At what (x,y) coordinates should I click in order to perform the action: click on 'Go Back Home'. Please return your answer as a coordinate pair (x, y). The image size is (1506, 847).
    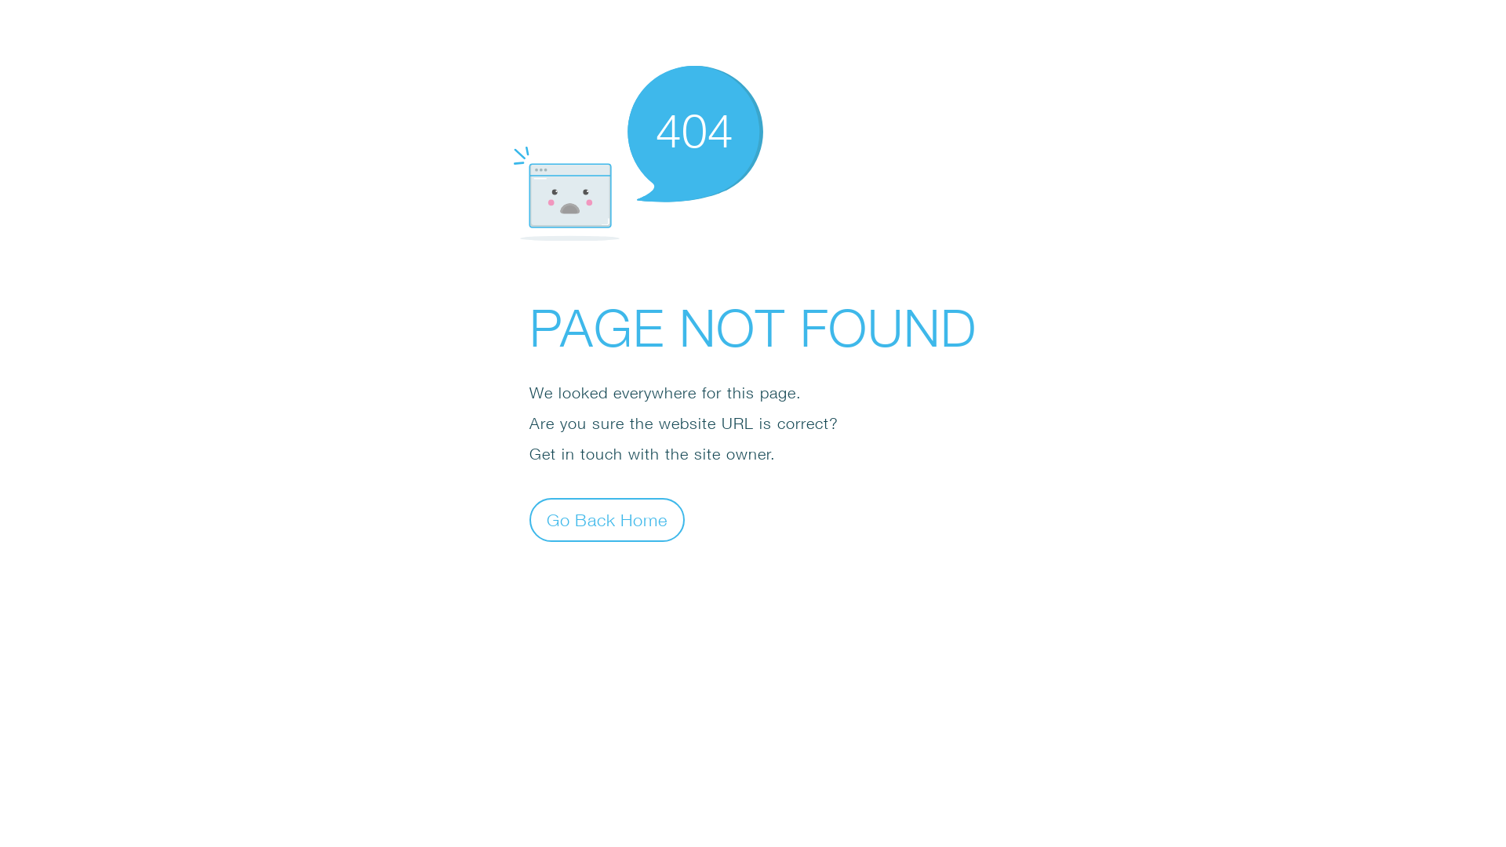
    Looking at the image, I should click on (606, 520).